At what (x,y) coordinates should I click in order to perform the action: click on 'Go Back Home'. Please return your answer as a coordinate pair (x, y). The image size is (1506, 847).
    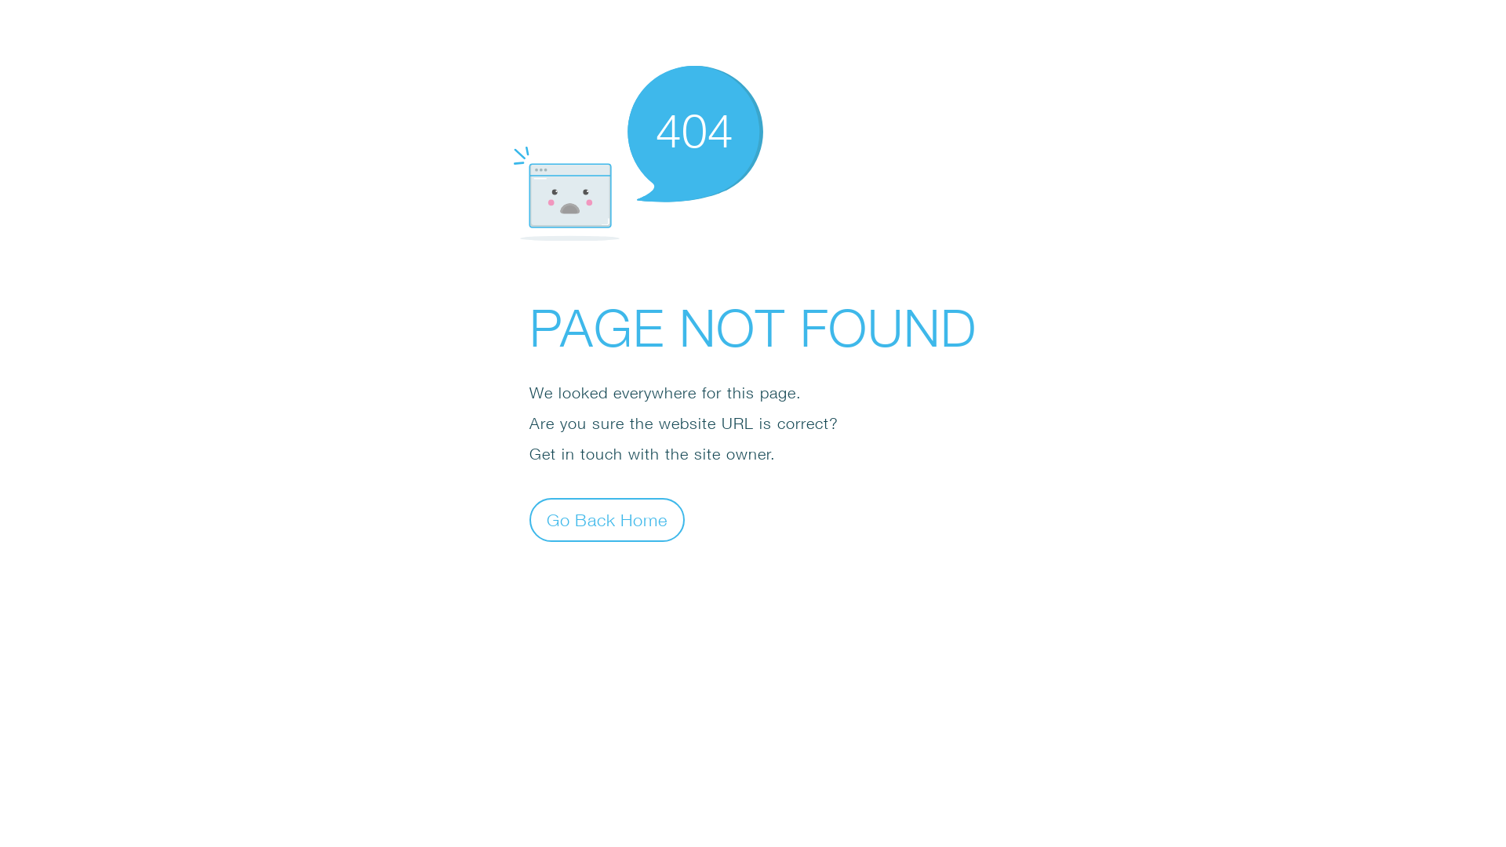
    Looking at the image, I should click on (606, 520).